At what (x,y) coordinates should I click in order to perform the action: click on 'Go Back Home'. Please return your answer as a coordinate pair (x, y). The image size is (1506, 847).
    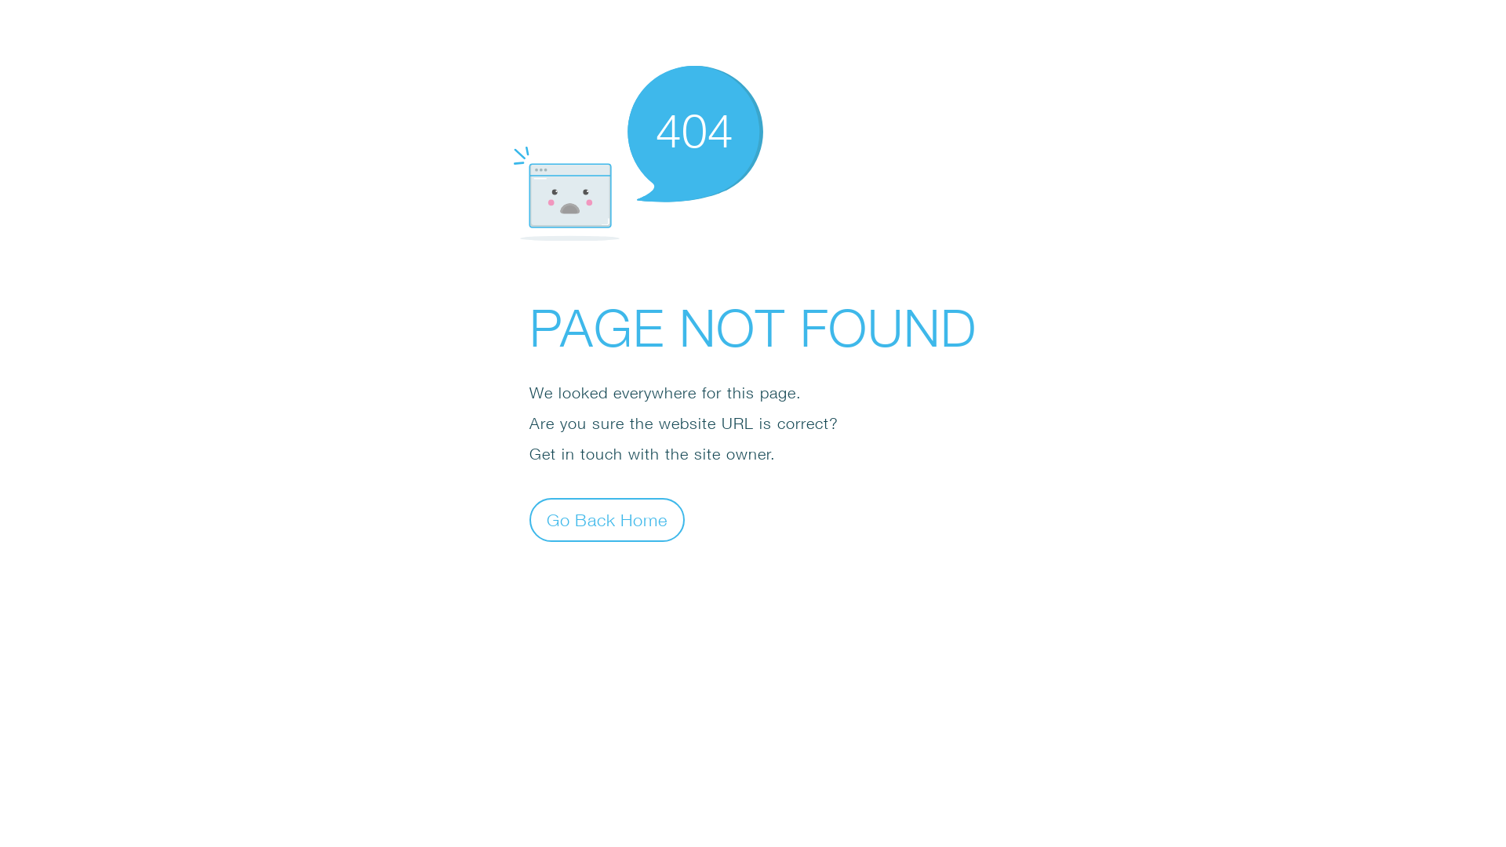
    Looking at the image, I should click on (606, 520).